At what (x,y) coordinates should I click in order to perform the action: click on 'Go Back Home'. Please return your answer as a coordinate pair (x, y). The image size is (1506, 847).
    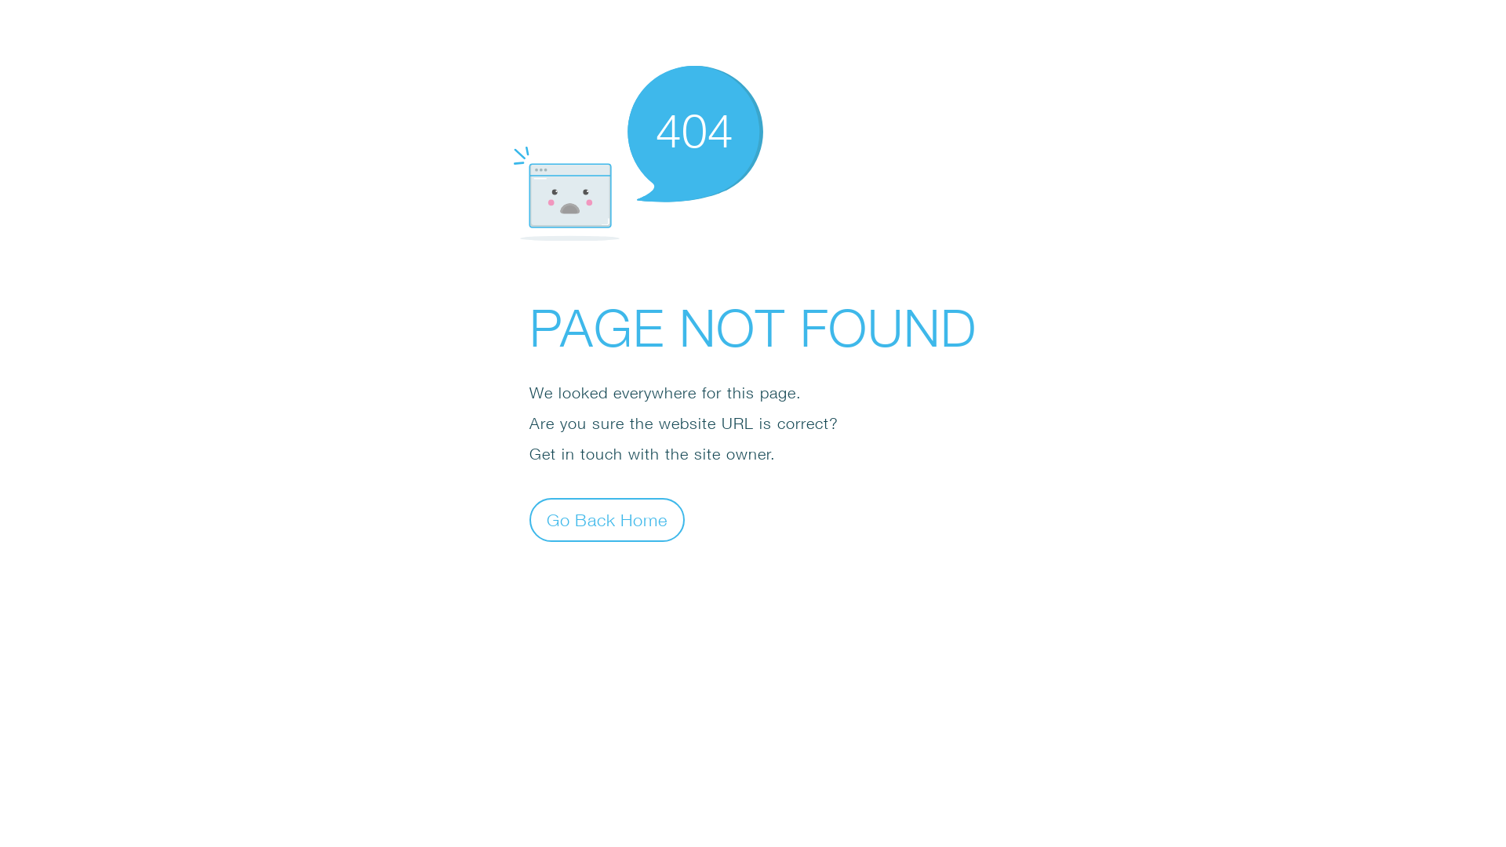
    Looking at the image, I should click on (606, 520).